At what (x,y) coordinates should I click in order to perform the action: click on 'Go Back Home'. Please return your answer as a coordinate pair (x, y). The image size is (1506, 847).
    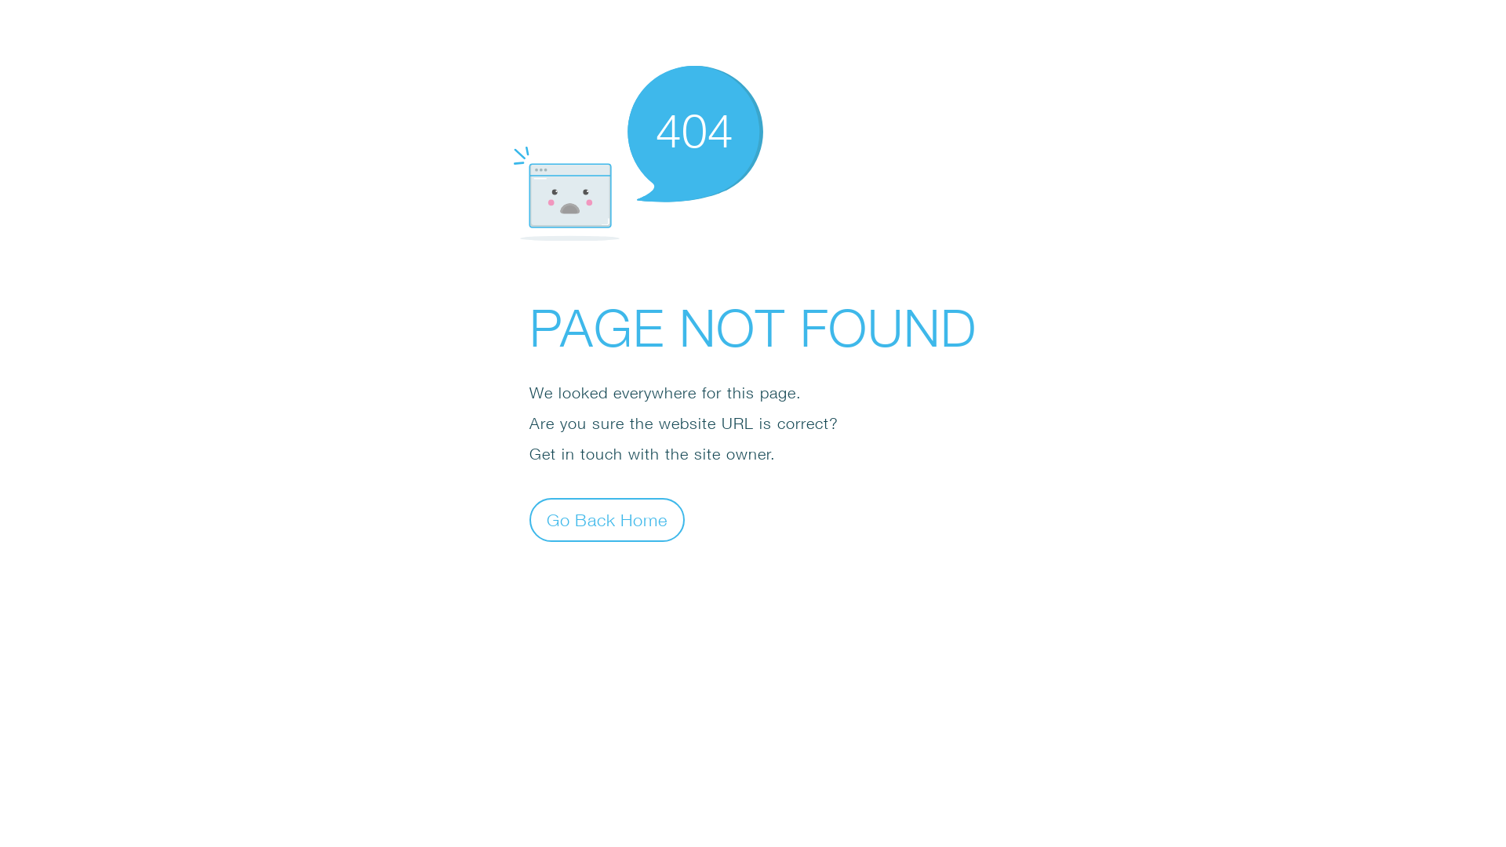
    Looking at the image, I should click on (606, 520).